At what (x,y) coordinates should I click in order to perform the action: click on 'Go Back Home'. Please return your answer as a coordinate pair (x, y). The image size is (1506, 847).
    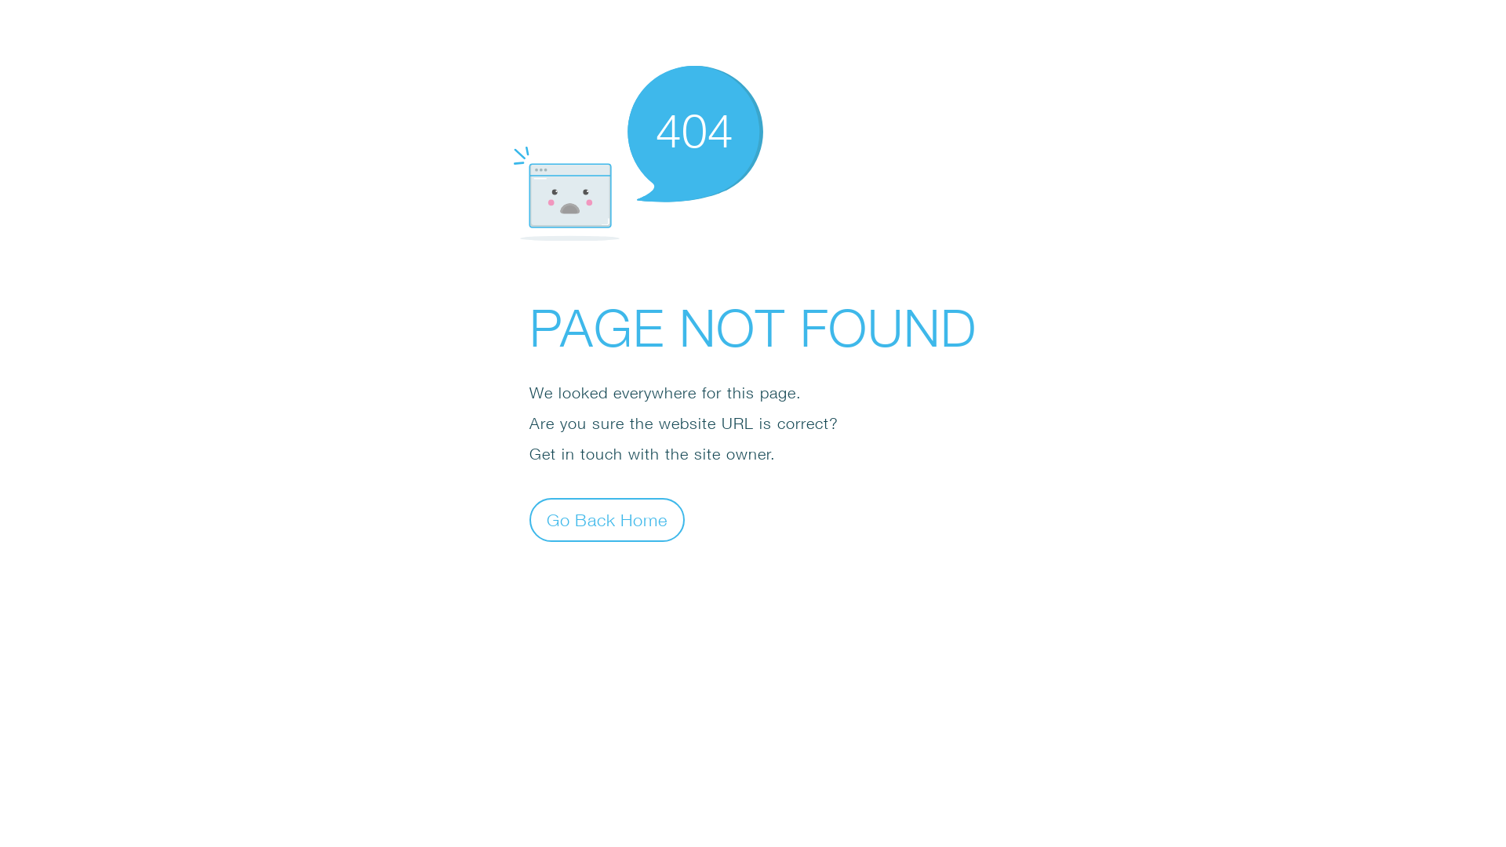
    Looking at the image, I should click on (606, 520).